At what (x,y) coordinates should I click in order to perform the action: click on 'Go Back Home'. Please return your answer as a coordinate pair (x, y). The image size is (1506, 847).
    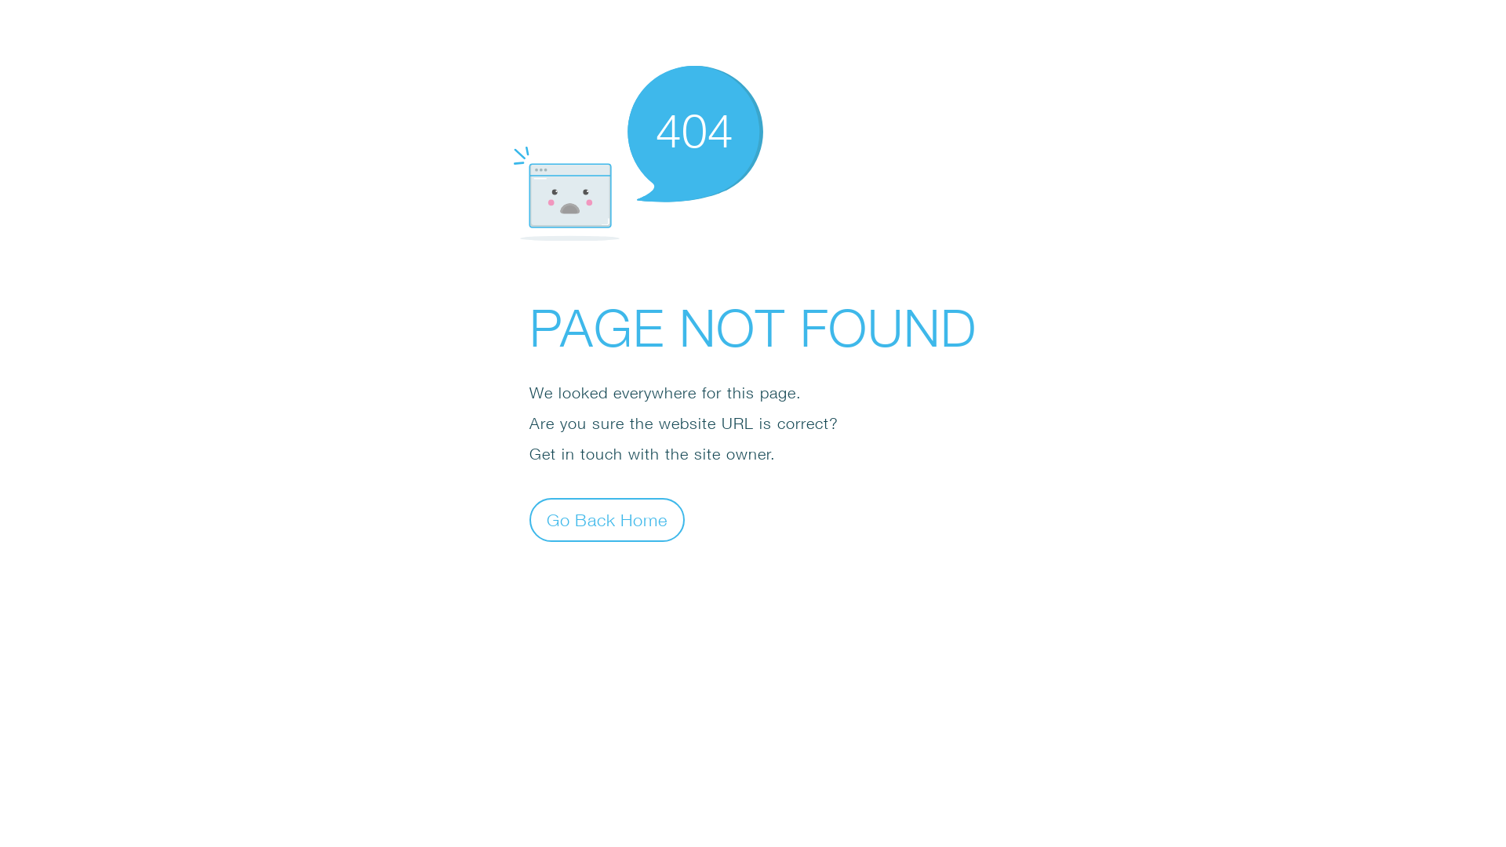
    Looking at the image, I should click on (606, 520).